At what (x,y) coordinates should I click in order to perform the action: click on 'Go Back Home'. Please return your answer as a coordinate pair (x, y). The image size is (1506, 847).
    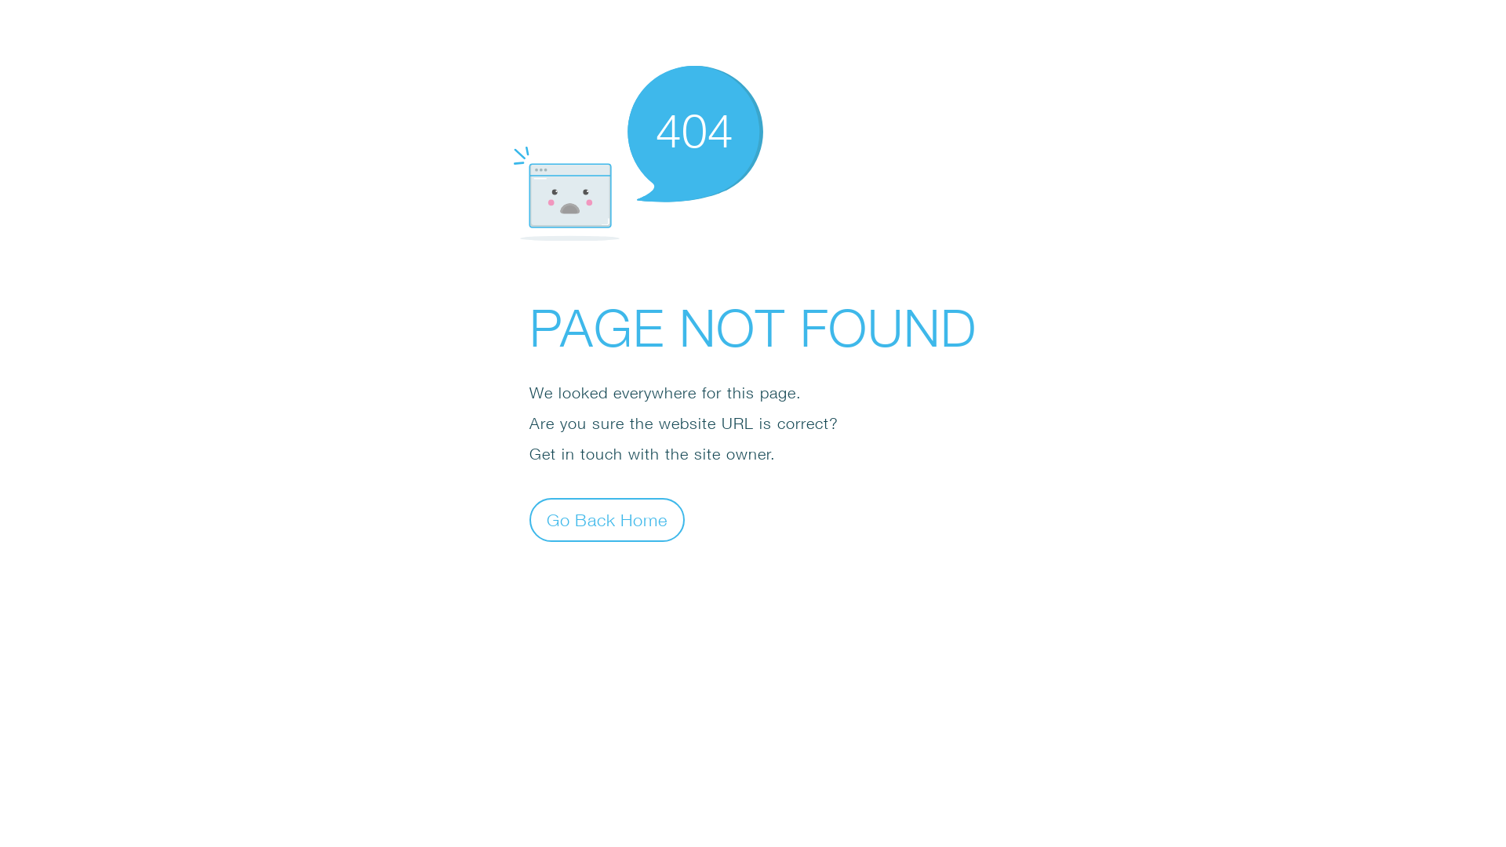
    Looking at the image, I should click on (606, 520).